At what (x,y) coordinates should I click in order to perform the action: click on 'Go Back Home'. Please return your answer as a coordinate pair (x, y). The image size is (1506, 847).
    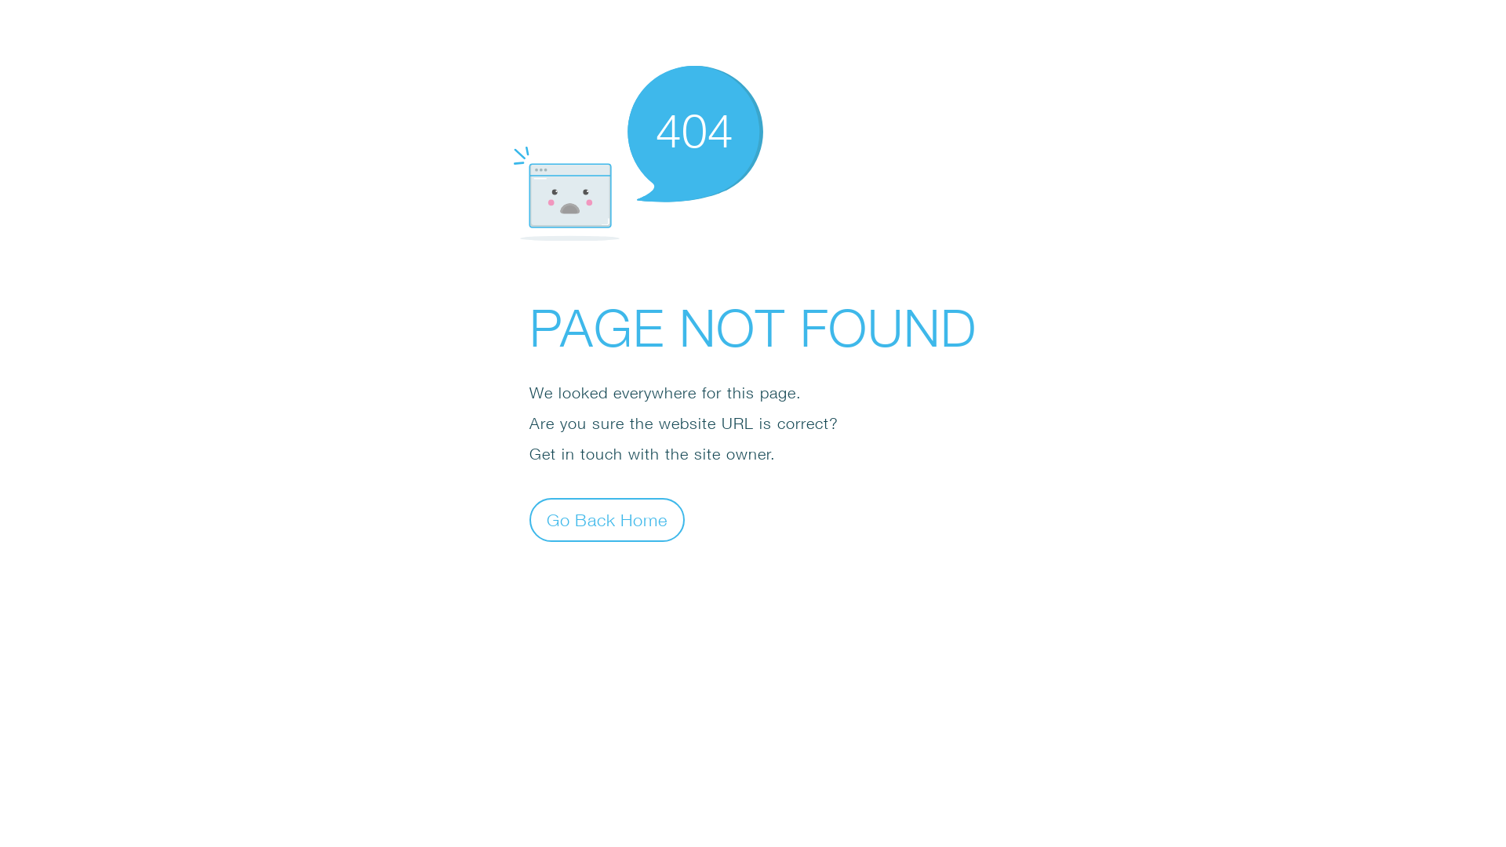
    Looking at the image, I should click on (606, 520).